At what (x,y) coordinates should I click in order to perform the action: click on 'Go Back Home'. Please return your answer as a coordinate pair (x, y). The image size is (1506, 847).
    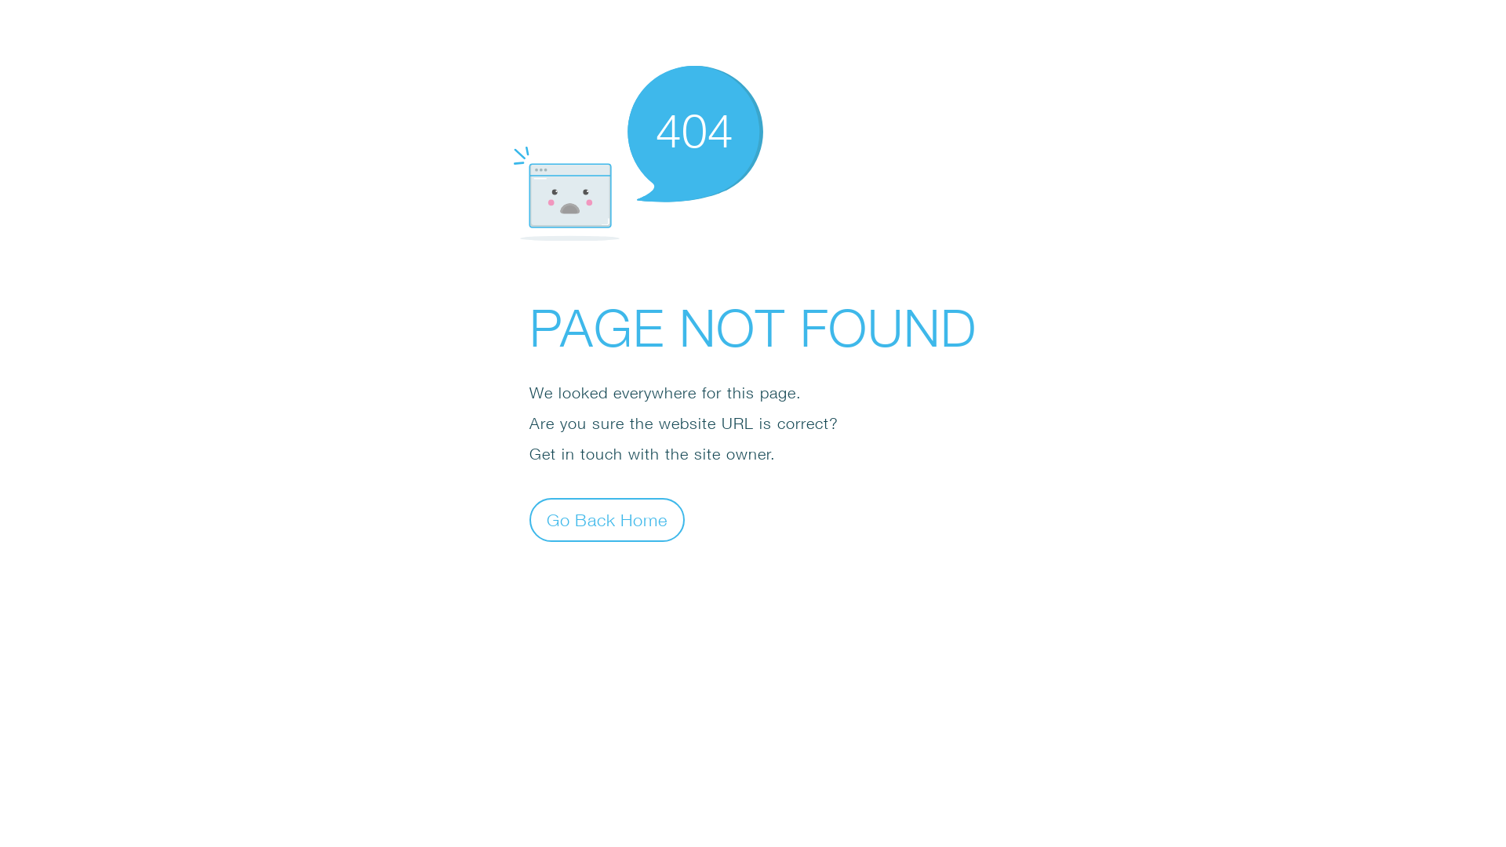
    Looking at the image, I should click on (606, 520).